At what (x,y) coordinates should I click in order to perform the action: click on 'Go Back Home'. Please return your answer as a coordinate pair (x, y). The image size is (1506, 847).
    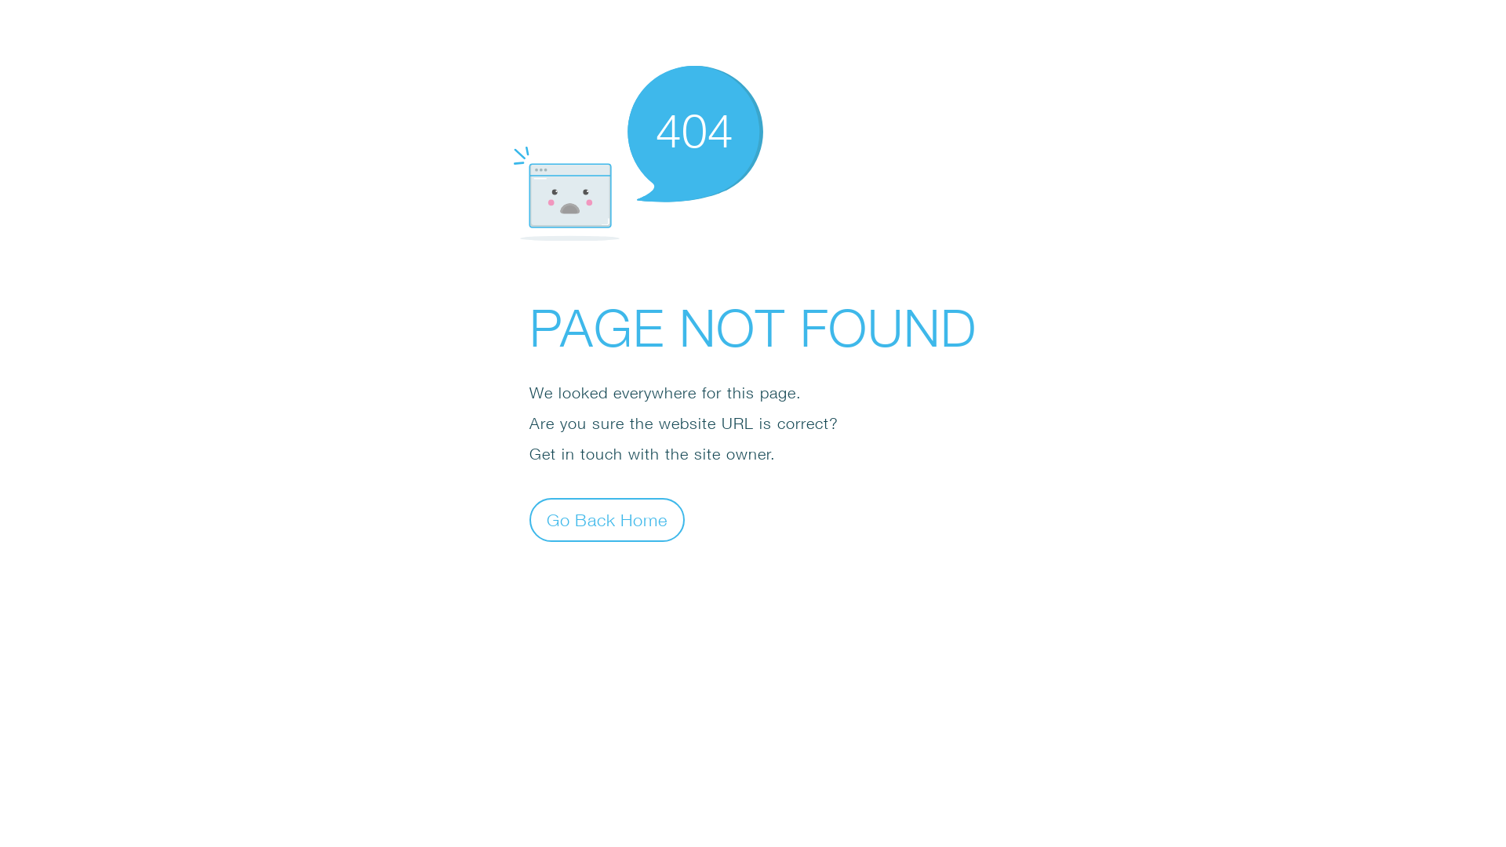
    Looking at the image, I should click on (606, 520).